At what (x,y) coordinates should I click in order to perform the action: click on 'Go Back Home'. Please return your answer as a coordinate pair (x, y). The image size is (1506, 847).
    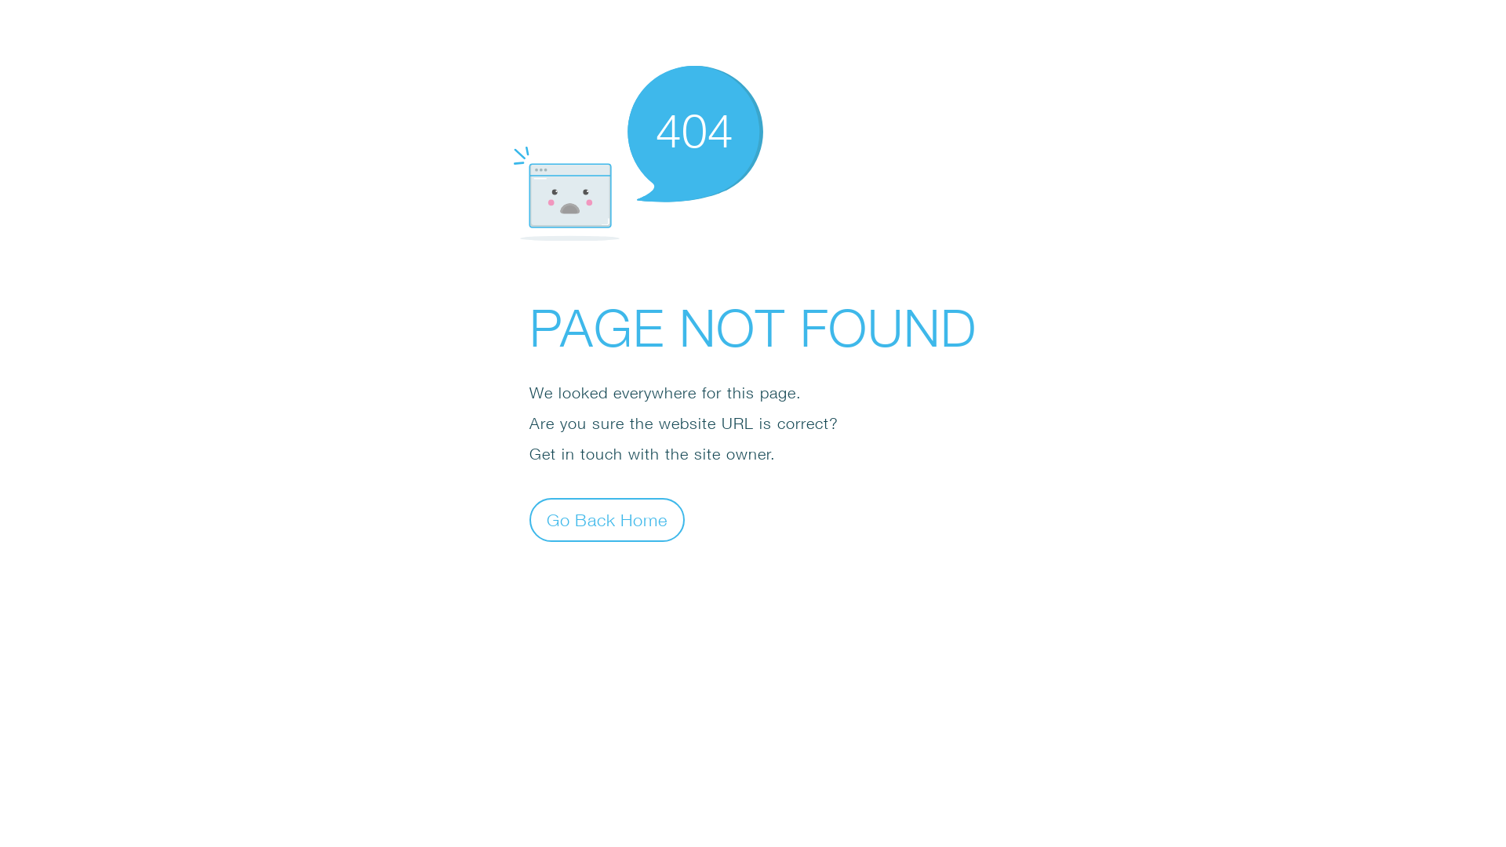
    Looking at the image, I should click on (606, 520).